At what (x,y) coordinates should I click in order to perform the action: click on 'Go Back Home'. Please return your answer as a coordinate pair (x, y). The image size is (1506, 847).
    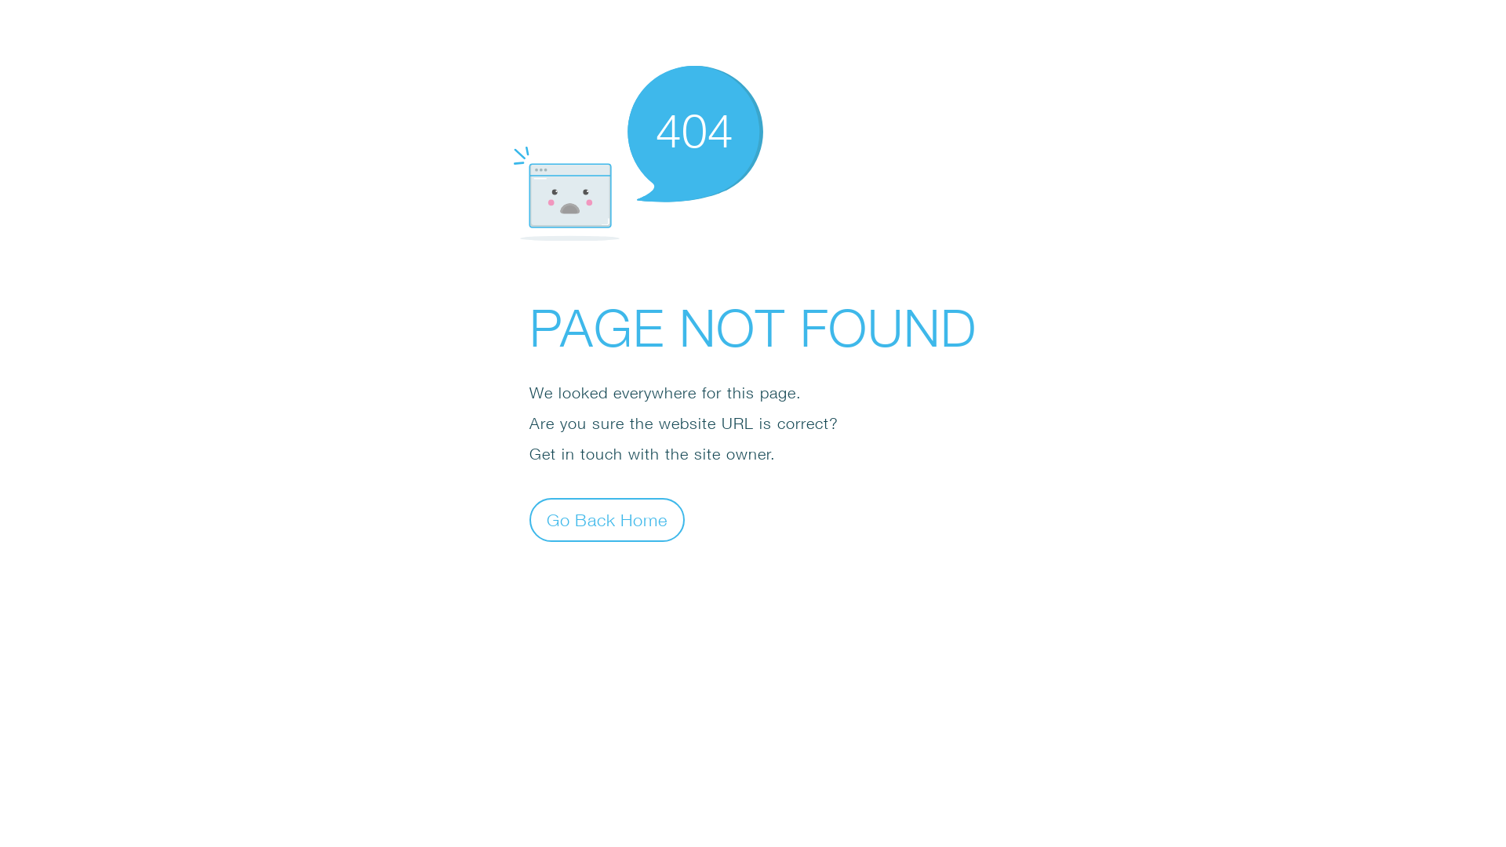
    Looking at the image, I should click on (606, 520).